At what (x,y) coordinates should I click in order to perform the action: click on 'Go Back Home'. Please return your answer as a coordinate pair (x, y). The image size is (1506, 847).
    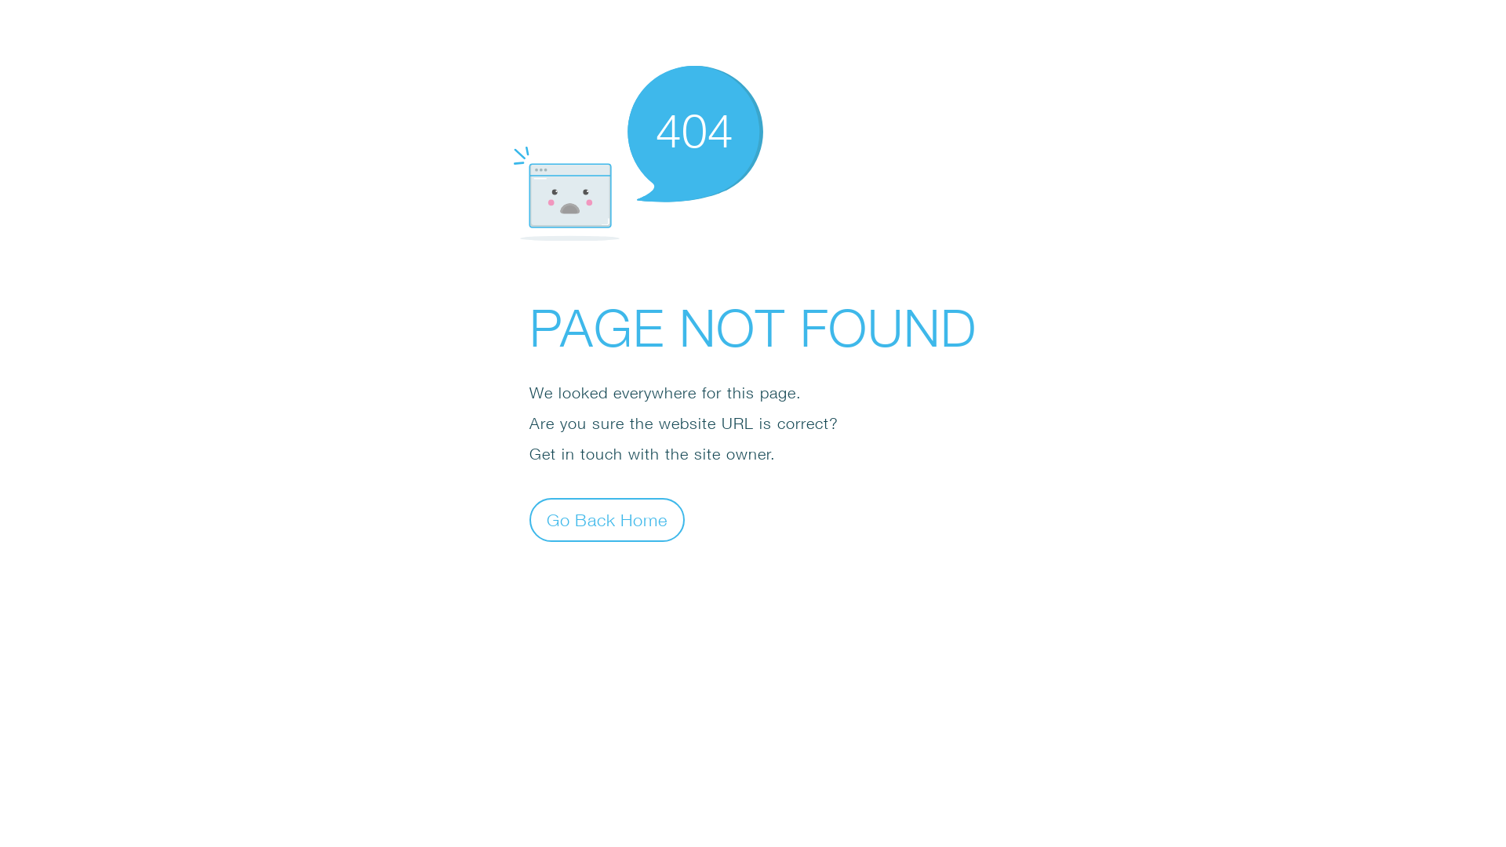
    Looking at the image, I should click on (606, 520).